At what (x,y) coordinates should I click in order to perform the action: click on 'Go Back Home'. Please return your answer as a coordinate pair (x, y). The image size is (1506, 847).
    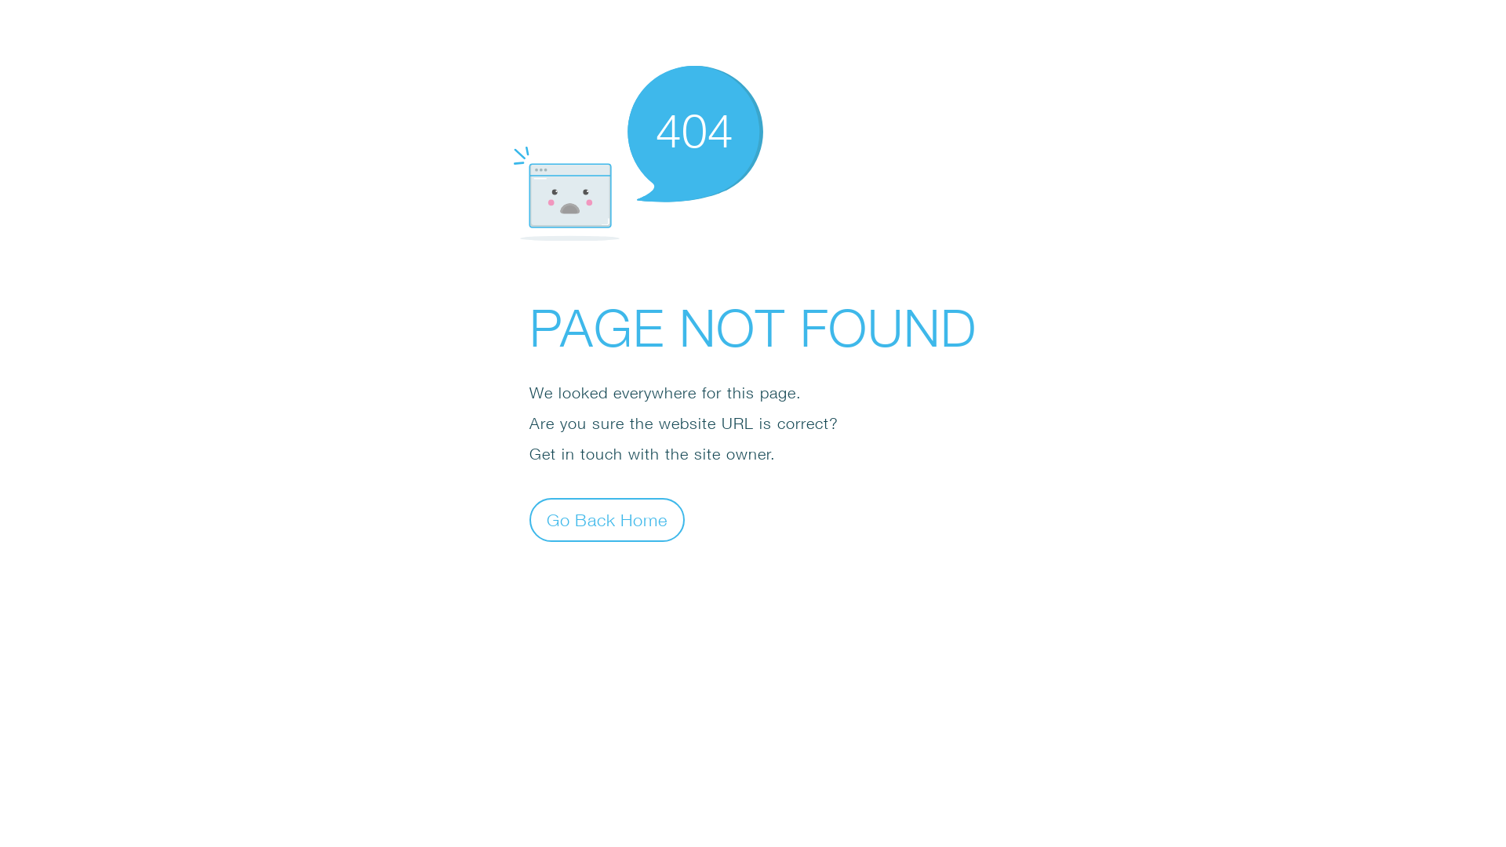
    Looking at the image, I should click on (606, 520).